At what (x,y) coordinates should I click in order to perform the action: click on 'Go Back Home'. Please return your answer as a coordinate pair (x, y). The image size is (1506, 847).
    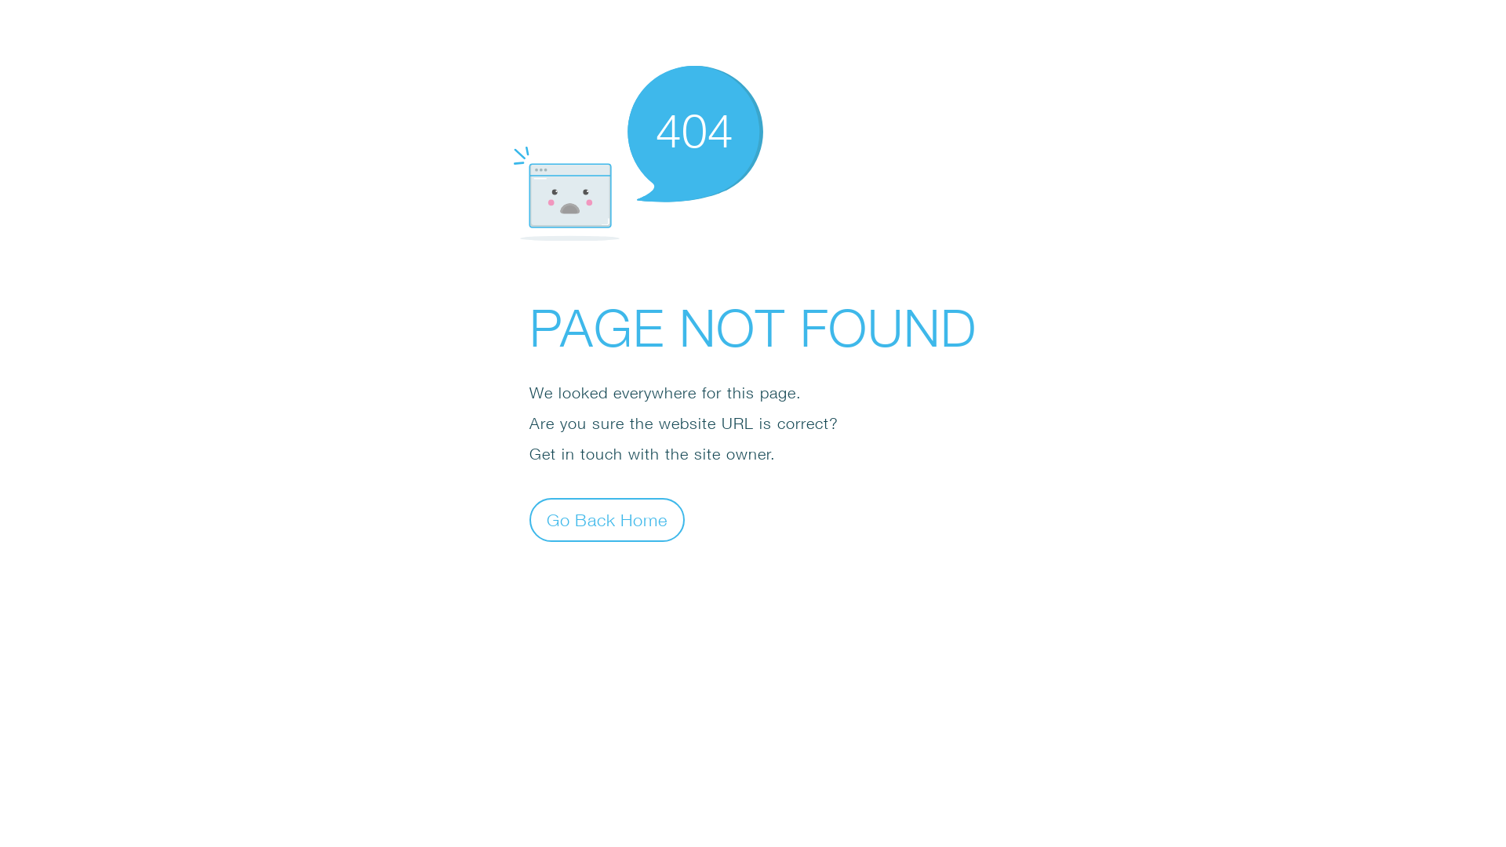
    Looking at the image, I should click on (606, 520).